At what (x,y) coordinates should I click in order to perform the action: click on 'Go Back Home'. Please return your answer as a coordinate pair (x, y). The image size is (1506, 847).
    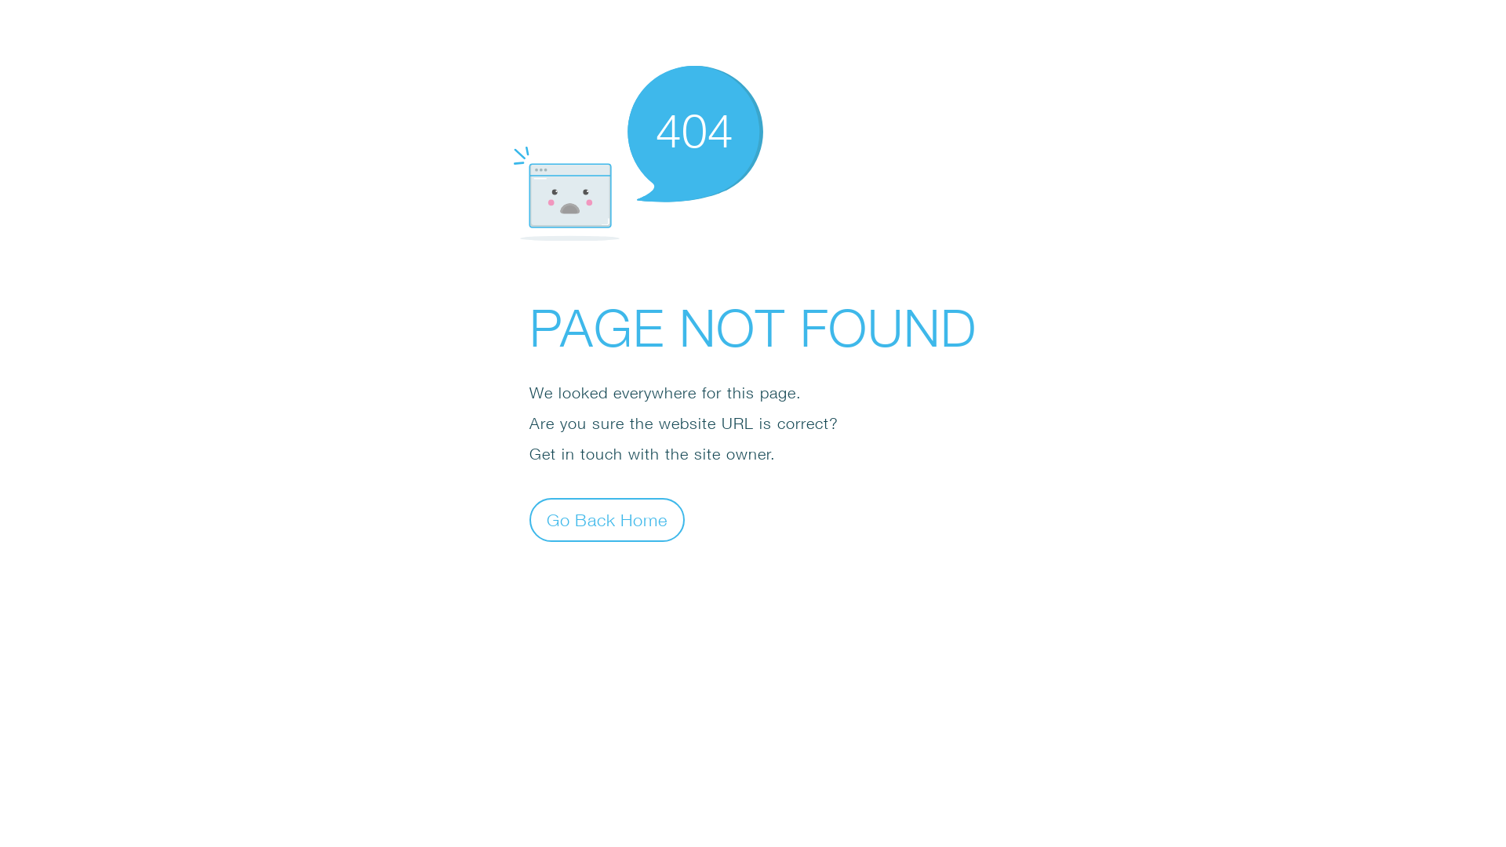
    Looking at the image, I should click on (606, 520).